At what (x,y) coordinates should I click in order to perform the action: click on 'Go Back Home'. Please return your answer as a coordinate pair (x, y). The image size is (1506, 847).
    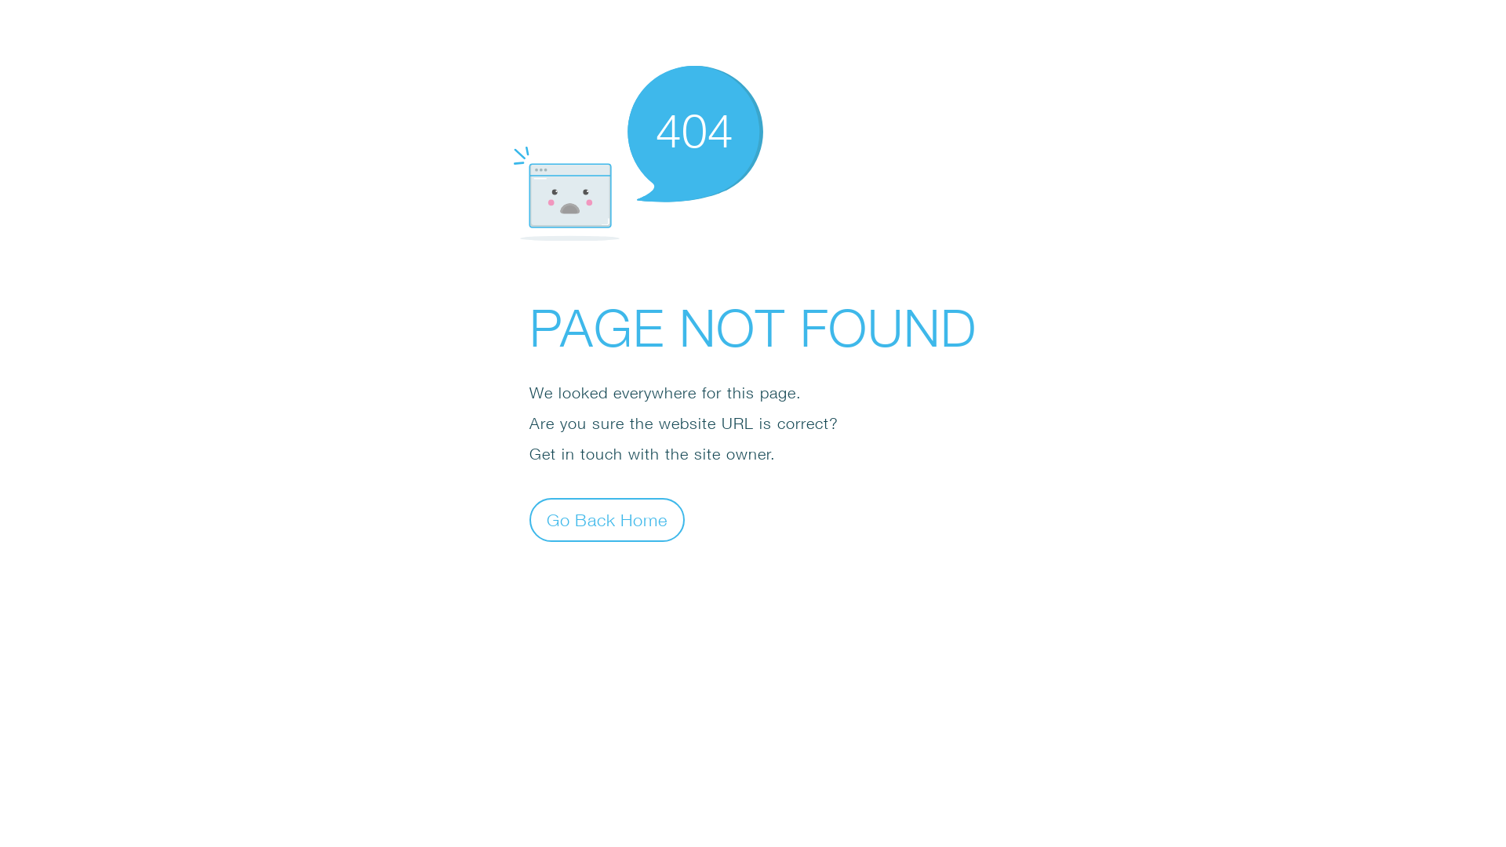
    Looking at the image, I should click on (606, 520).